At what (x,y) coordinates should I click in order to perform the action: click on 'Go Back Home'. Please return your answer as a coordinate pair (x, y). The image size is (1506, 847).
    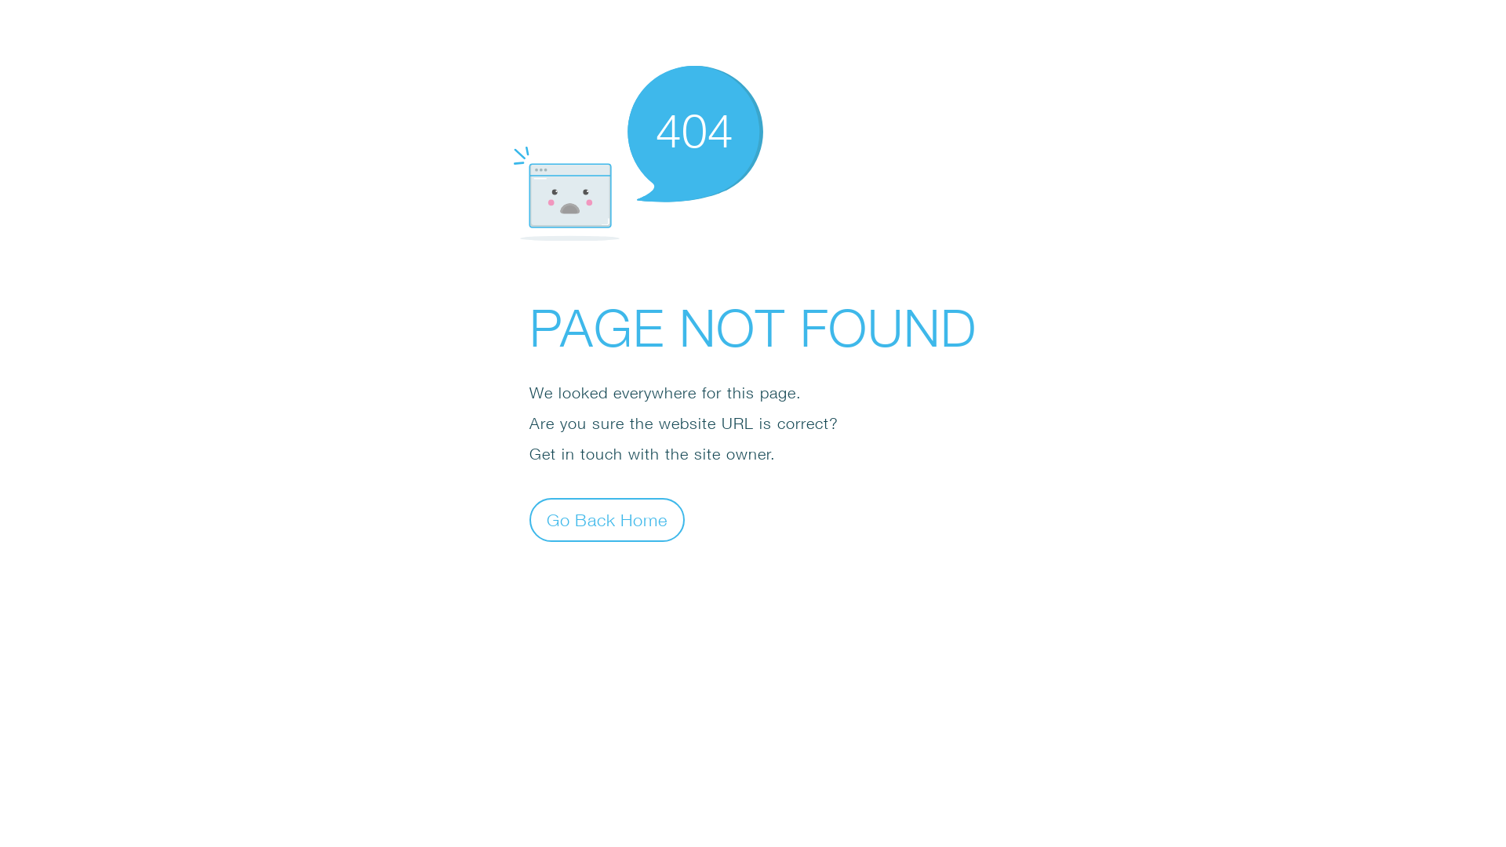
    Looking at the image, I should click on (606, 520).